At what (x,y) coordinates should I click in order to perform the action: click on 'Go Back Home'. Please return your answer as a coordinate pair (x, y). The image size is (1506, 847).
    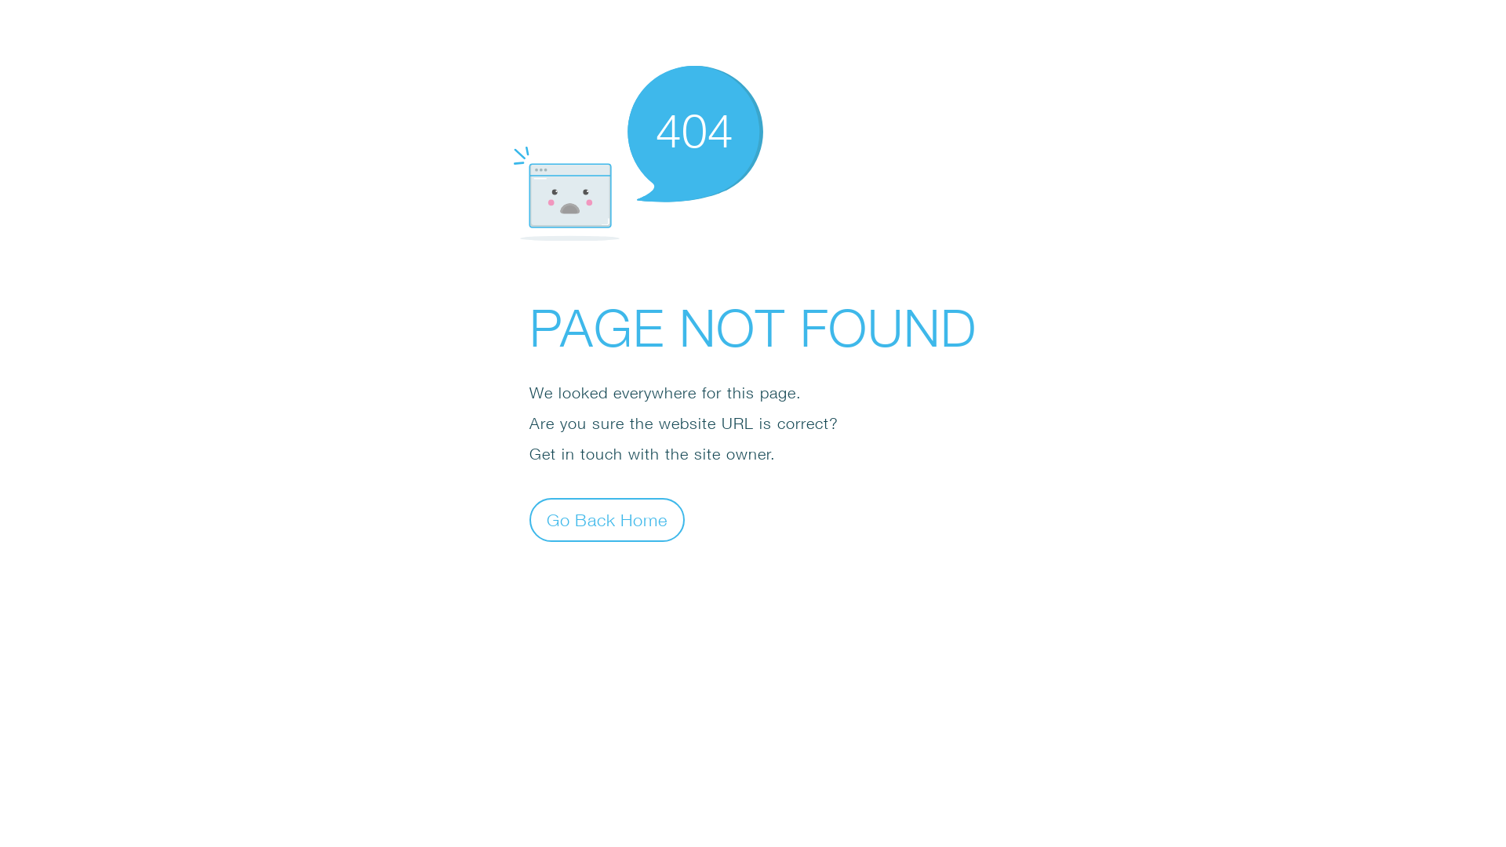
    Looking at the image, I should click on (606, 520).